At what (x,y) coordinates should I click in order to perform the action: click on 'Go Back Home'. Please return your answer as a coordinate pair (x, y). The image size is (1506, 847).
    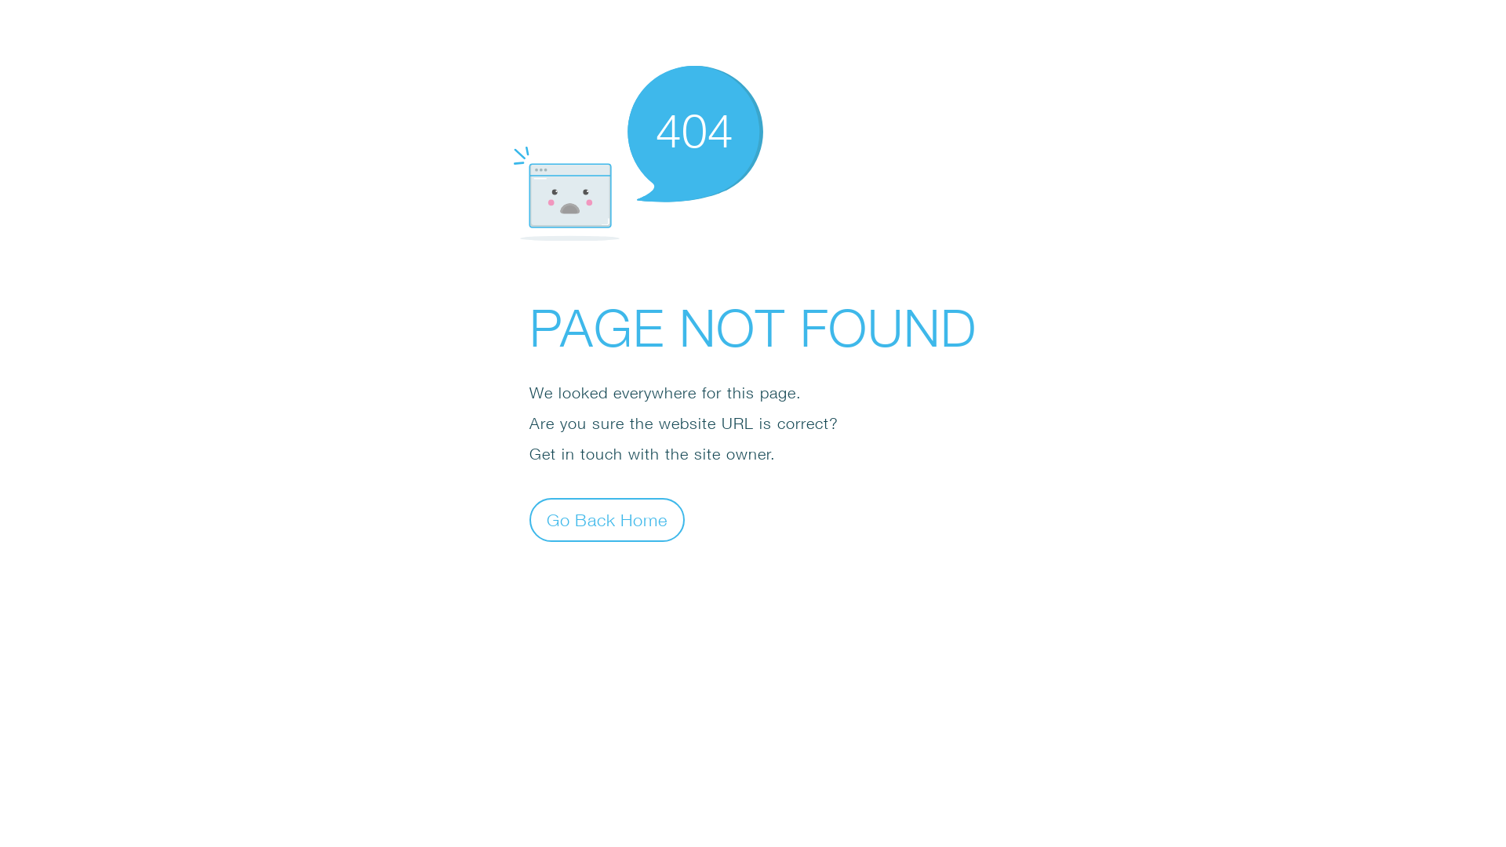
    Looking at the image, I should click on (606, 520).